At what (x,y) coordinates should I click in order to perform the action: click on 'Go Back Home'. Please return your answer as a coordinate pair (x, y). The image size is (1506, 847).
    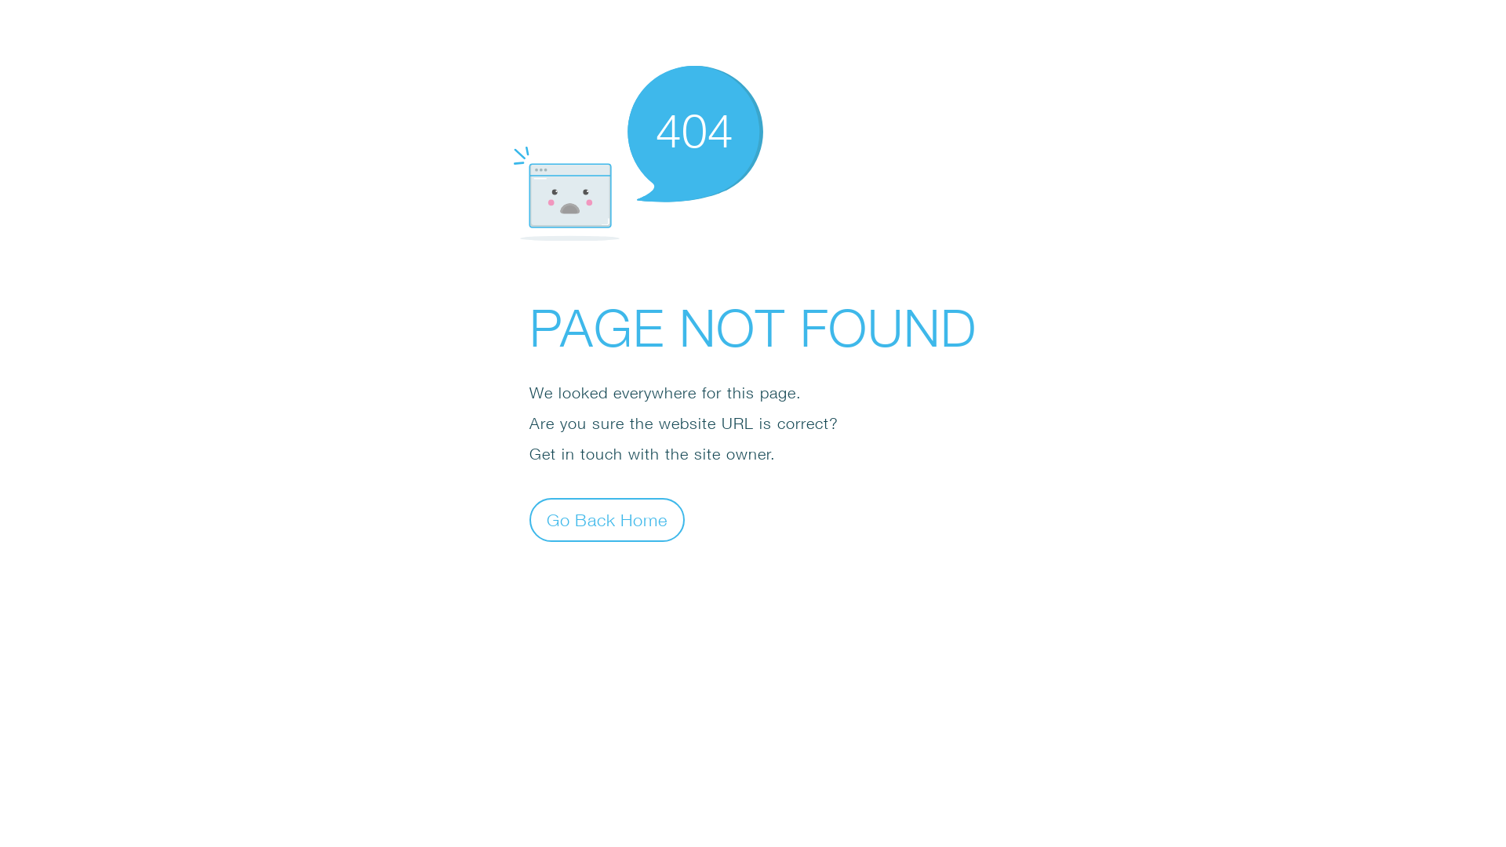
    Looking at the image, I should click on (606, 520).